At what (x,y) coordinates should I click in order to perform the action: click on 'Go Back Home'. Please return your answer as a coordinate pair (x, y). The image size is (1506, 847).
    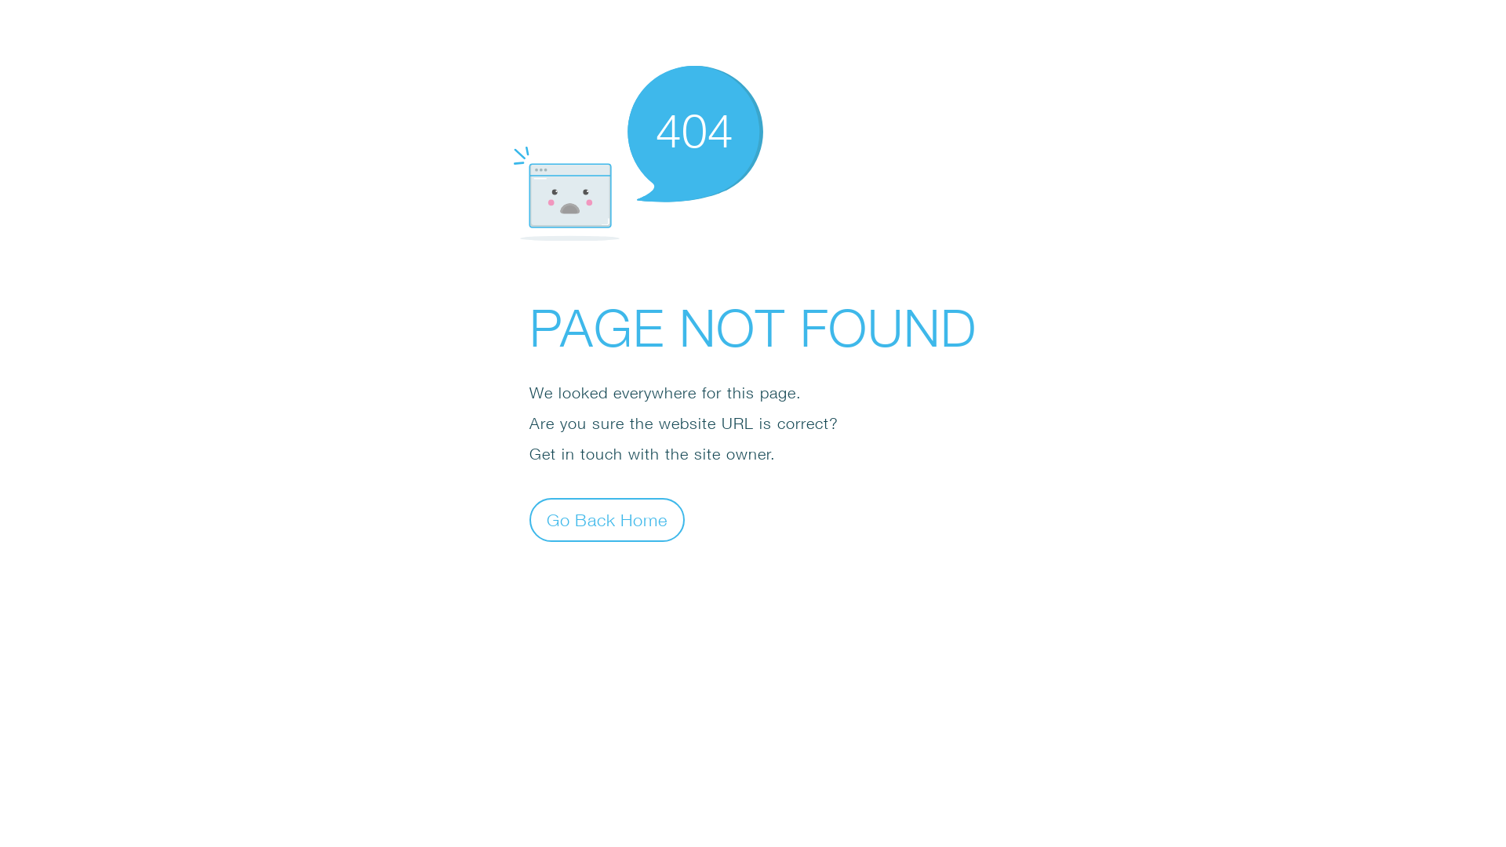
    Looking at the image, I should click on (606, 520).